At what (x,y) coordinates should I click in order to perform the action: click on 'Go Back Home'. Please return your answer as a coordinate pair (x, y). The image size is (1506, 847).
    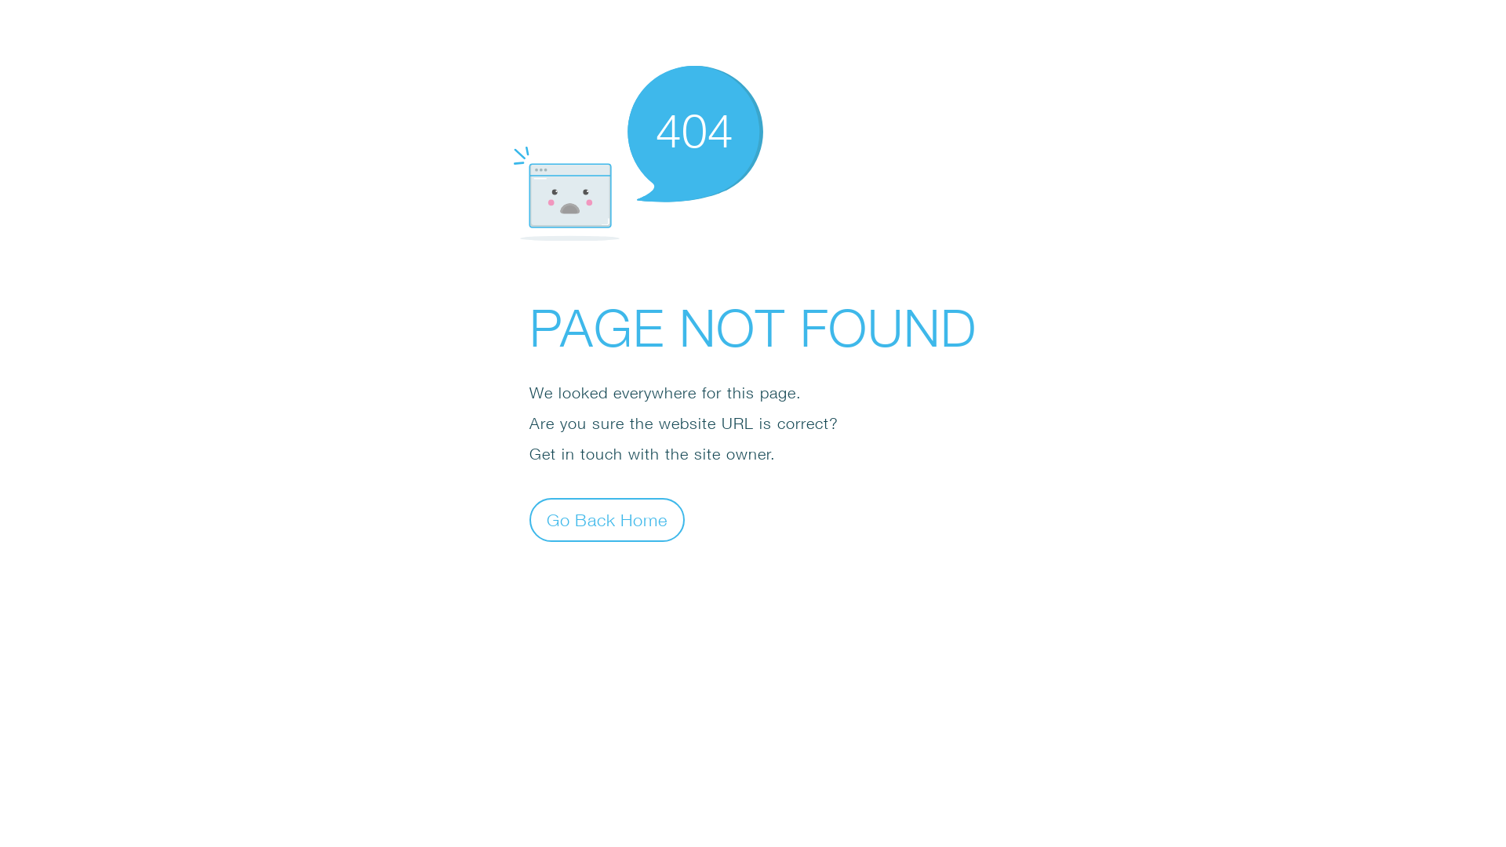
    Looking at the image, I should click on (606, 520).